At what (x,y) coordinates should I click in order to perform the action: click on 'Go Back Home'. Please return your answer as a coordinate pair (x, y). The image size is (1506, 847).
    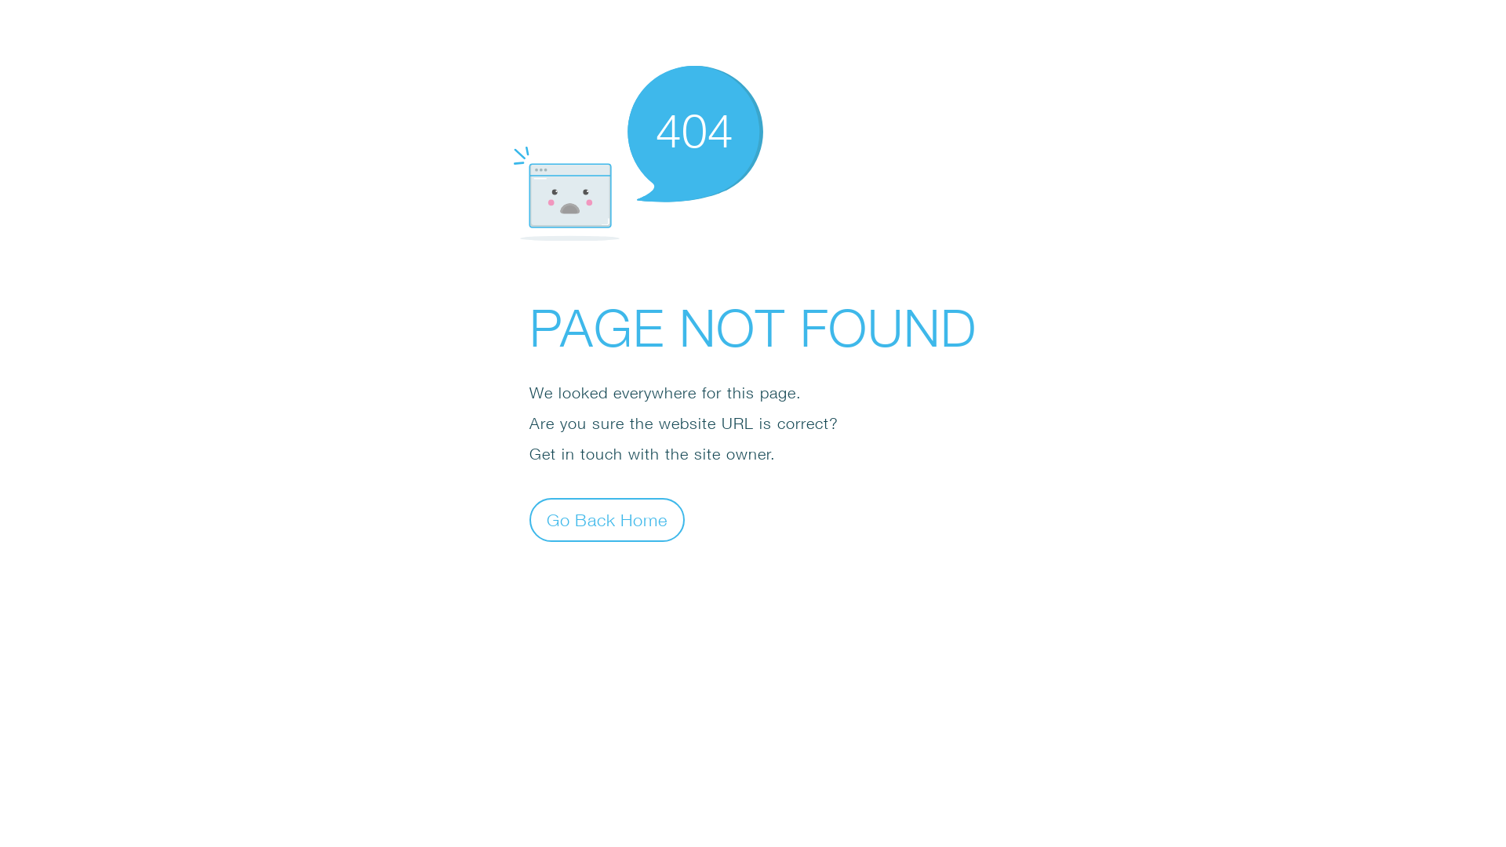
    Looking at the image, I should click on (606, 520).